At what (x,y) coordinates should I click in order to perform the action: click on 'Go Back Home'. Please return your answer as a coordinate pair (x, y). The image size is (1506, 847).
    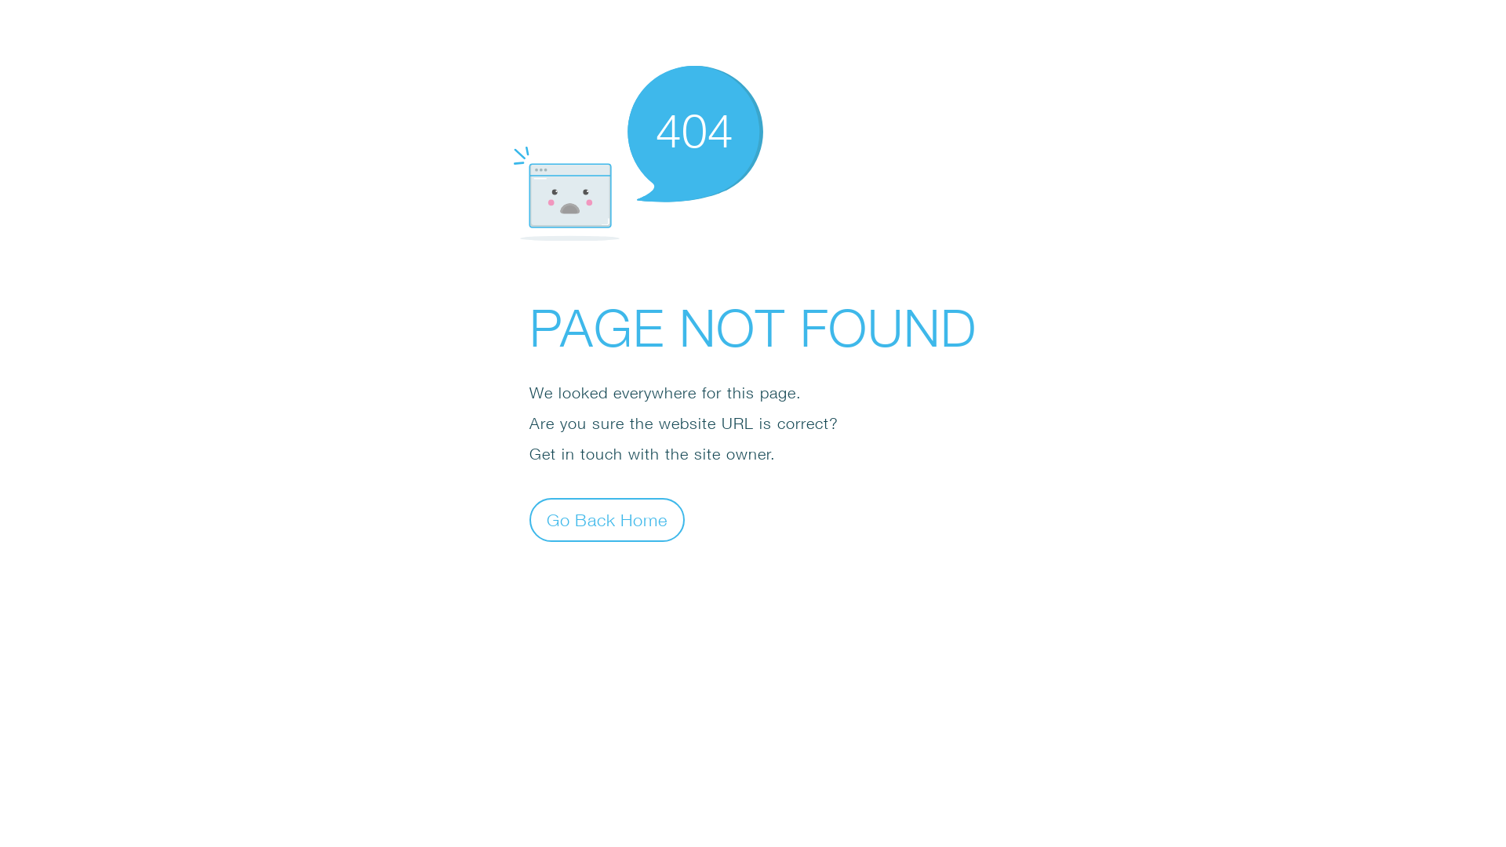
    Looking at the image, I should click on (606, 520).